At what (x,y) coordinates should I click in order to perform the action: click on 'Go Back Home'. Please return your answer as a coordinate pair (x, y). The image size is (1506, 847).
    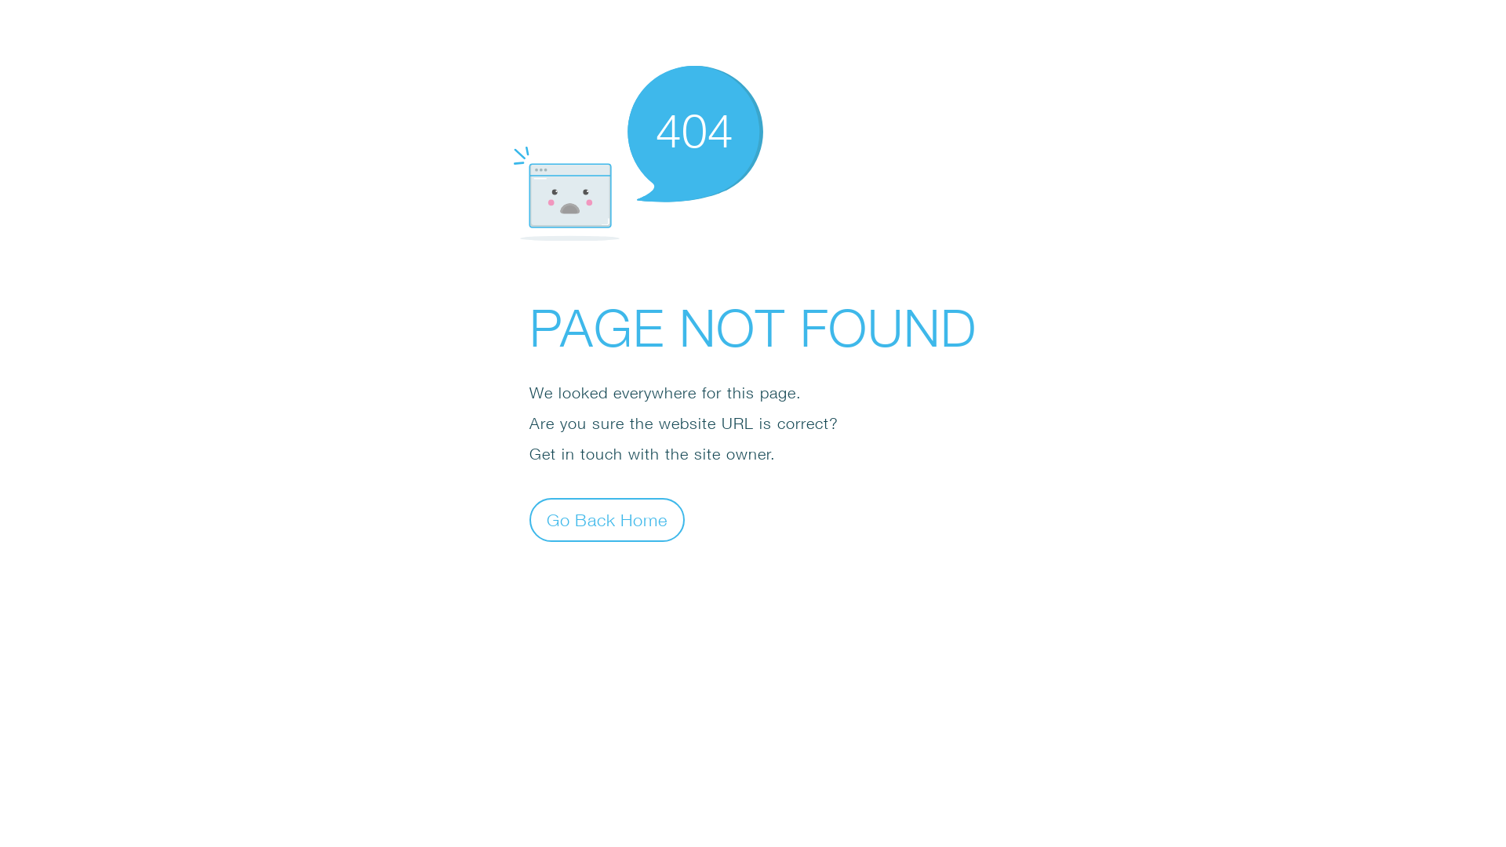
    Looking at the image, I should click on (606, 520).